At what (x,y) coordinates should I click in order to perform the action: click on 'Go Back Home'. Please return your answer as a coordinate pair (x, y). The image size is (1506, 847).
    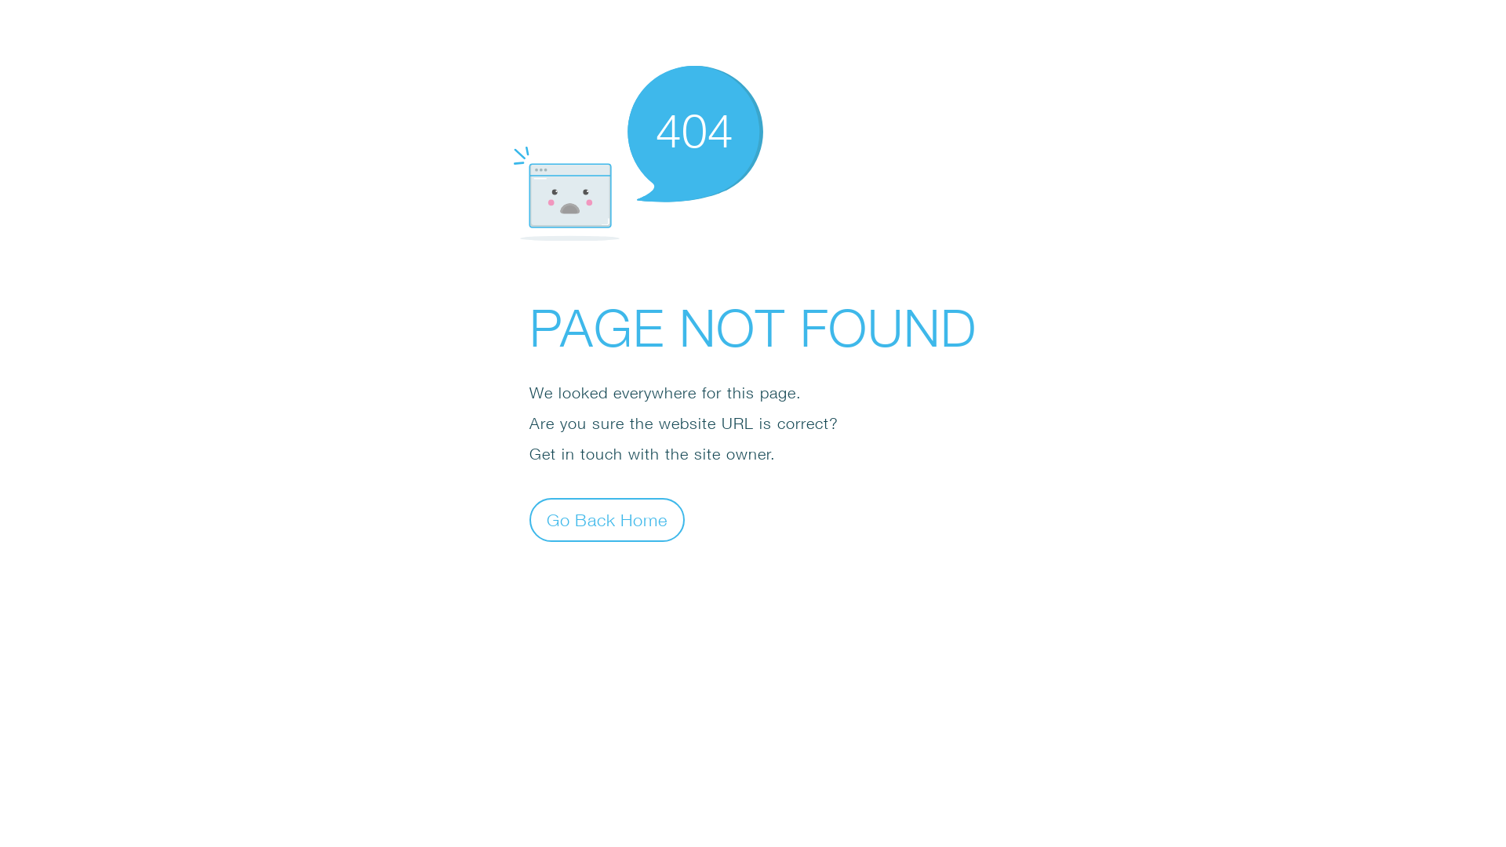
    Looking at the image, I should click on (606, 520).